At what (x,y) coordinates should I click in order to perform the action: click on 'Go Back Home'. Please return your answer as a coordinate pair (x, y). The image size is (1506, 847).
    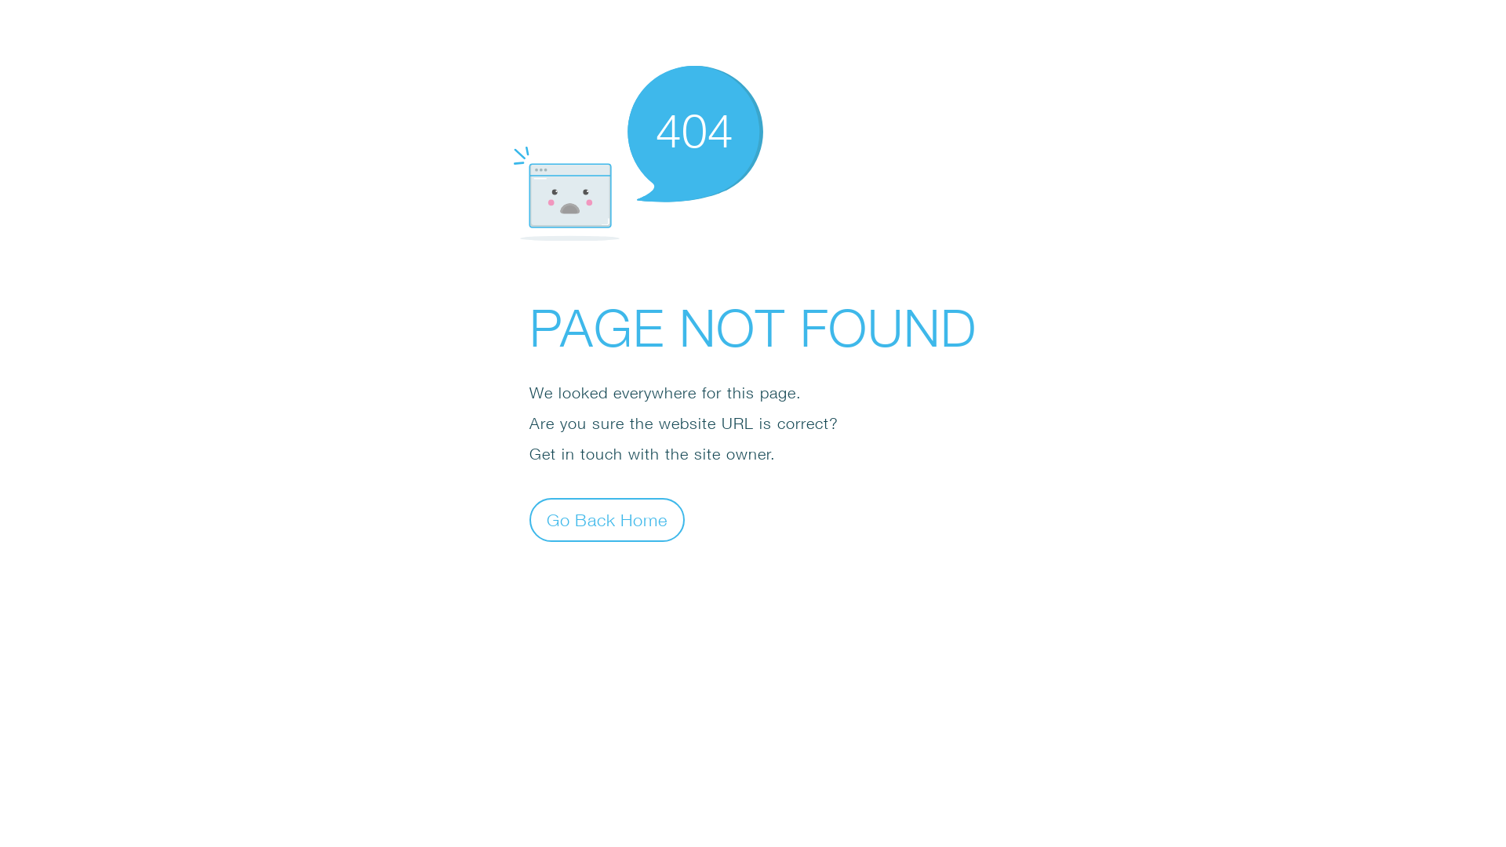
    Looking at the image, I should click on (606, 520).